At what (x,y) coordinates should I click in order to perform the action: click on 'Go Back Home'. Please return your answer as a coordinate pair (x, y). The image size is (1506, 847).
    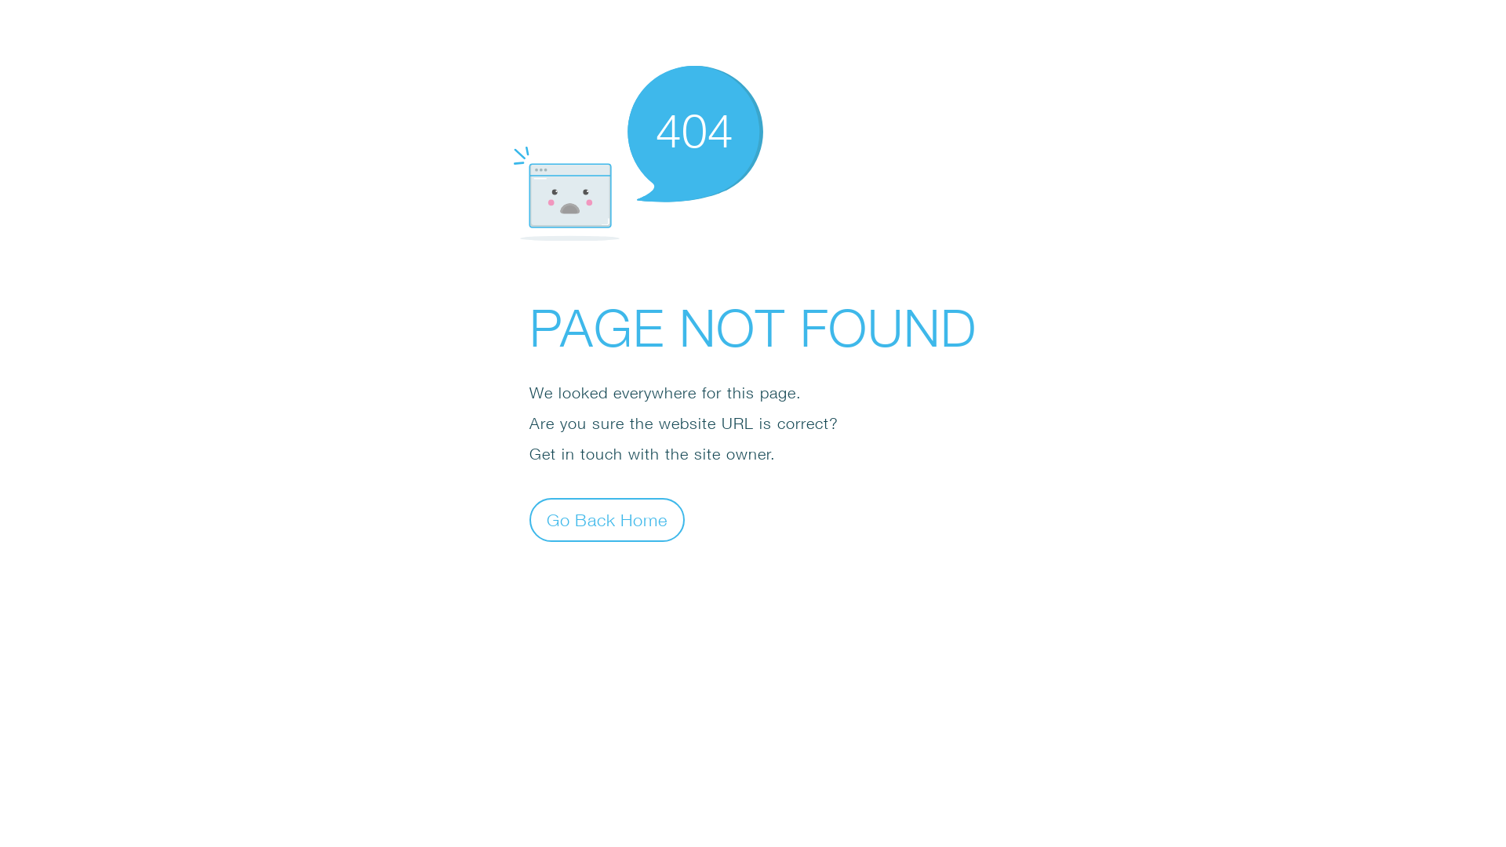
    Looking at the image, I should click on (606, 520).